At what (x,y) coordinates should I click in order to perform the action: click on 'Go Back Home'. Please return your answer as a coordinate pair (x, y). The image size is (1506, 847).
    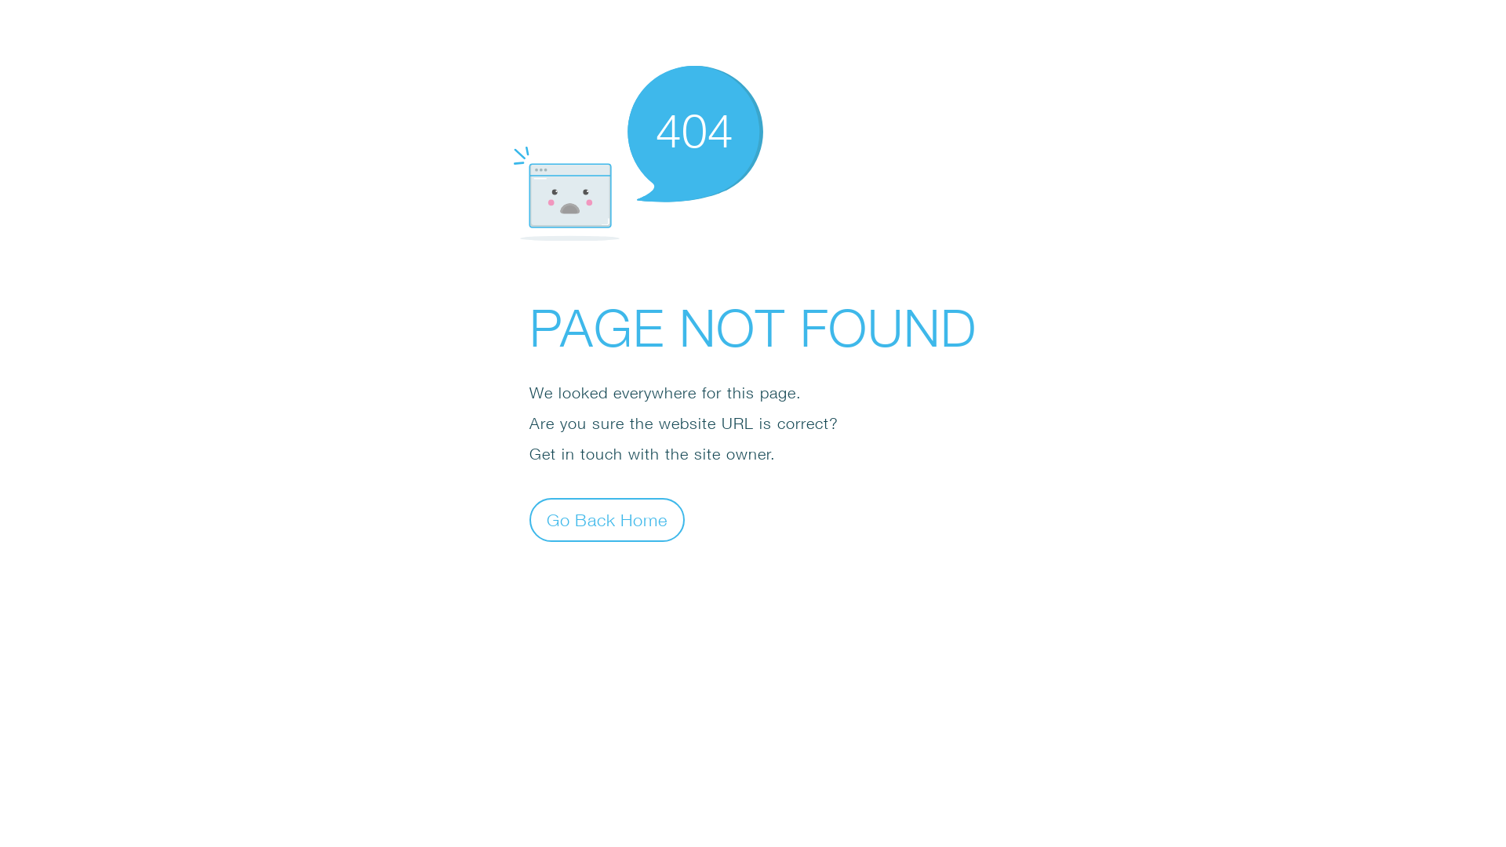
    Looking at the image, I should click on (606, 520).